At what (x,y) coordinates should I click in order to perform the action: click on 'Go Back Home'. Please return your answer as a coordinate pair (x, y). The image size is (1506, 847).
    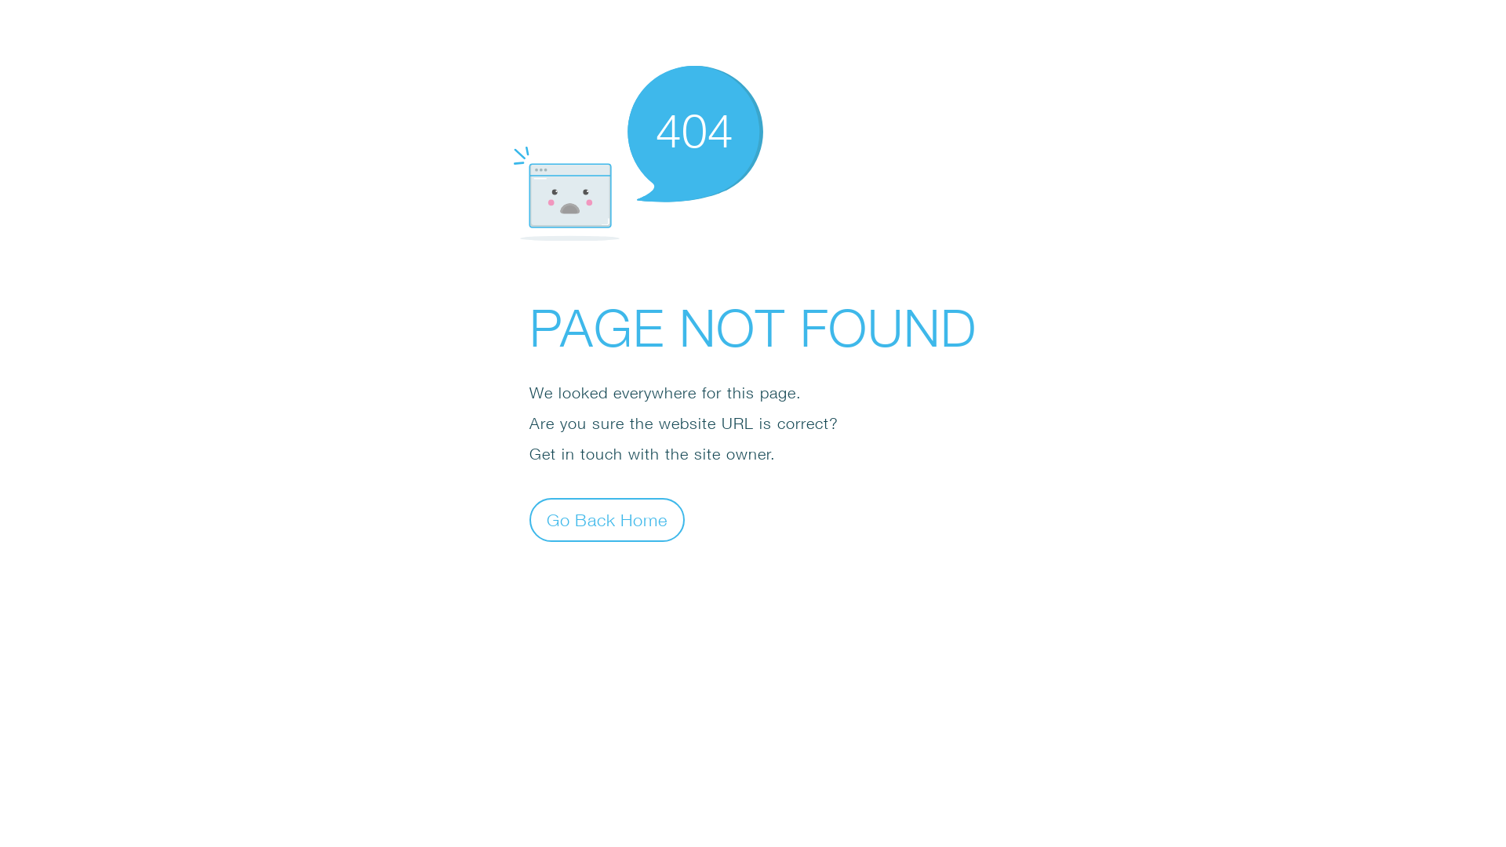
    Looking at the image, I should click on (606, 520).